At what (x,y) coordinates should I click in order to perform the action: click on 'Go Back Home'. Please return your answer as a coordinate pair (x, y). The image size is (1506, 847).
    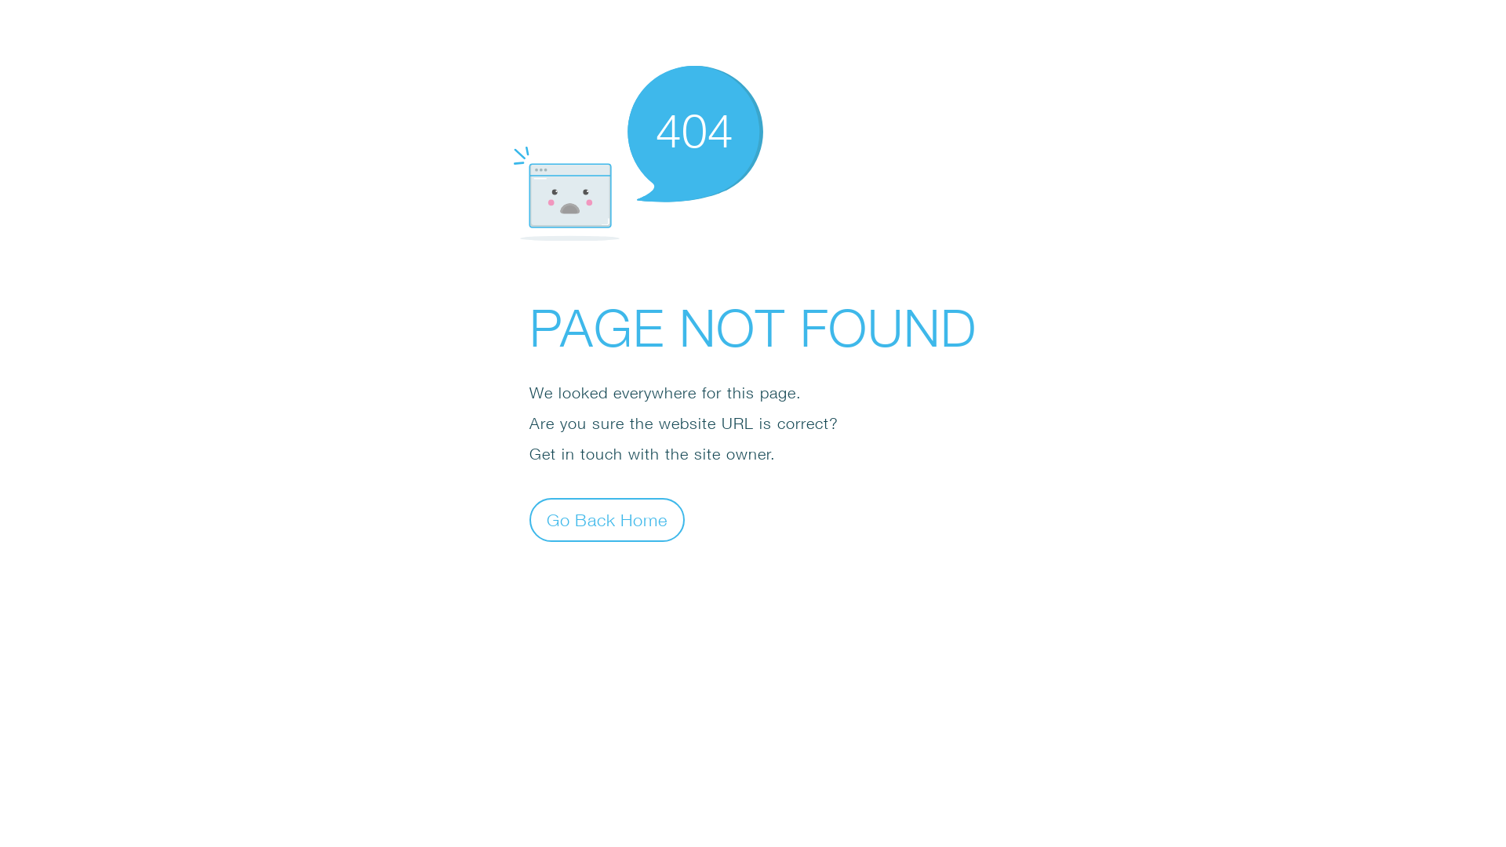
    Looking at the image, I should click on (606, 520).